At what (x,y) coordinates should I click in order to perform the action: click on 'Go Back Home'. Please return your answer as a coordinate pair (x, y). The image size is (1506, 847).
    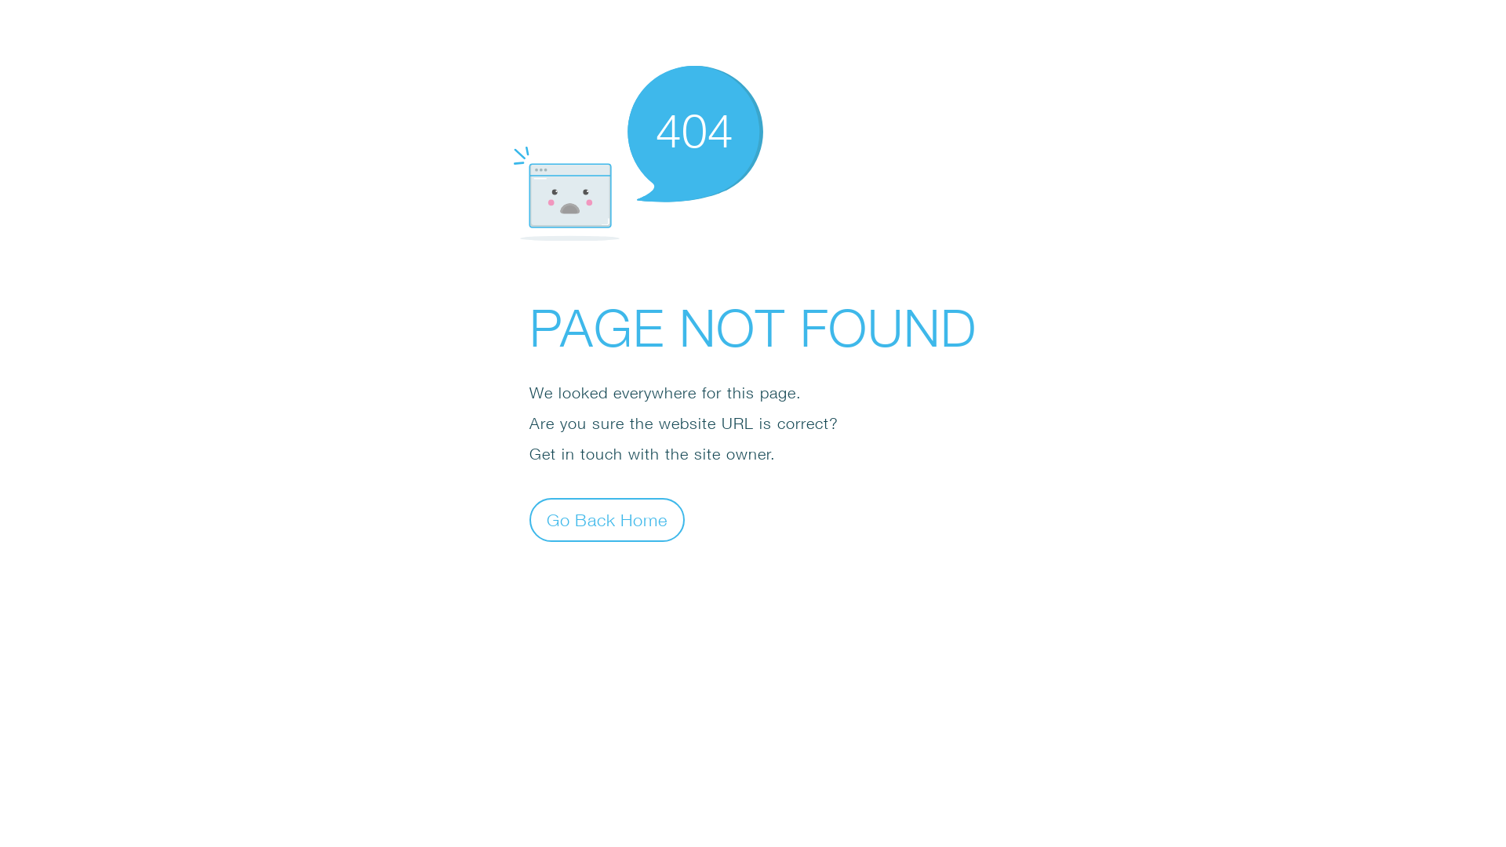
    Looking at the image, I should click on (606, 520).